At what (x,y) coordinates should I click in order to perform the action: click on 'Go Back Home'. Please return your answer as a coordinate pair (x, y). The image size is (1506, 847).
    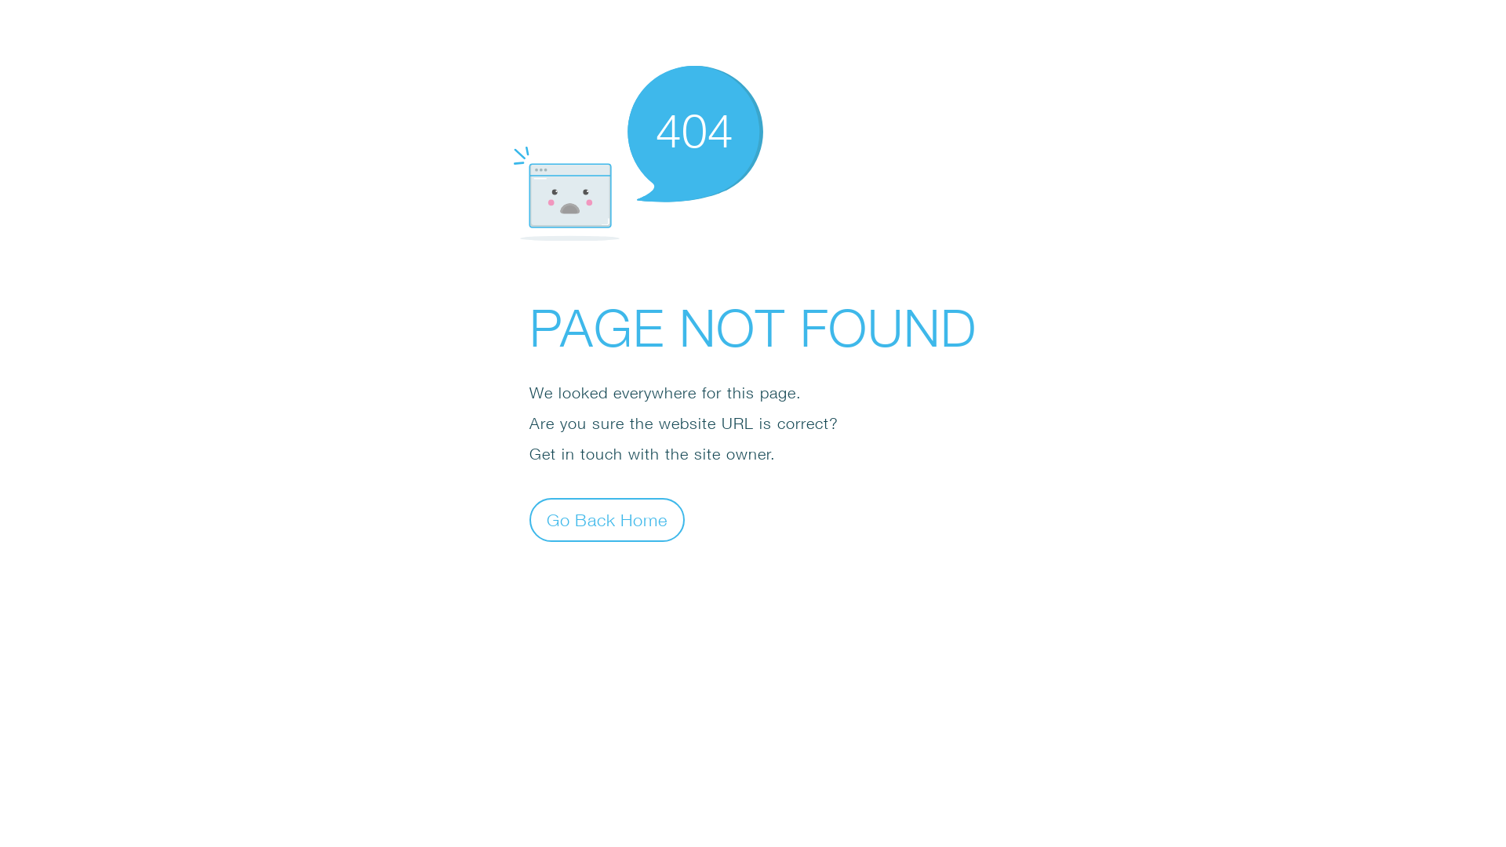
    Looking at the image, I should click on (606, 520).